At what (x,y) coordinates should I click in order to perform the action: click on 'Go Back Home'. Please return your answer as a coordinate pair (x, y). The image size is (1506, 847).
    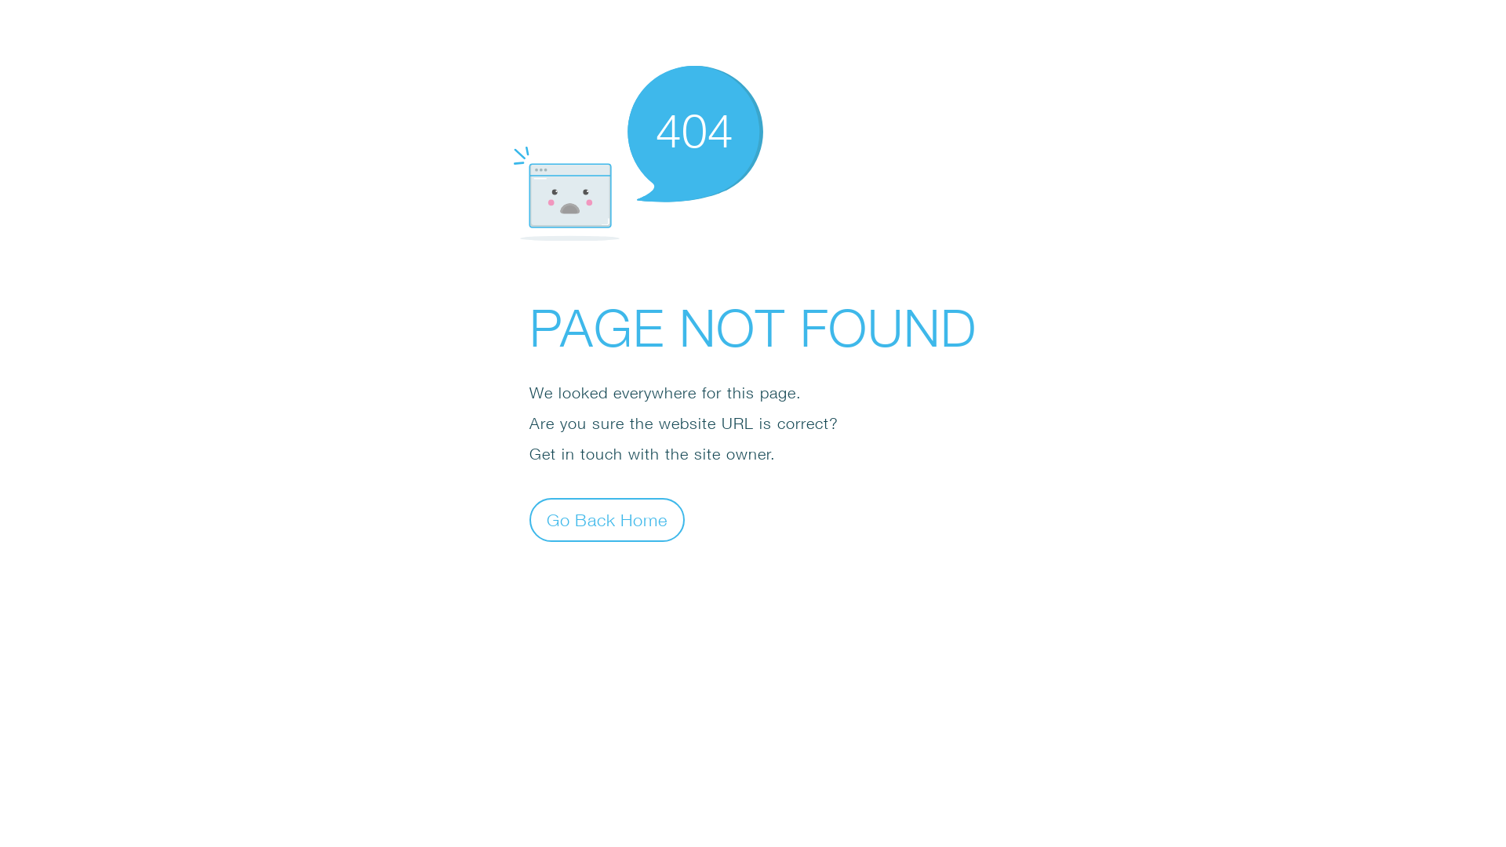
    Looking at the image, I should click on (606, 520).